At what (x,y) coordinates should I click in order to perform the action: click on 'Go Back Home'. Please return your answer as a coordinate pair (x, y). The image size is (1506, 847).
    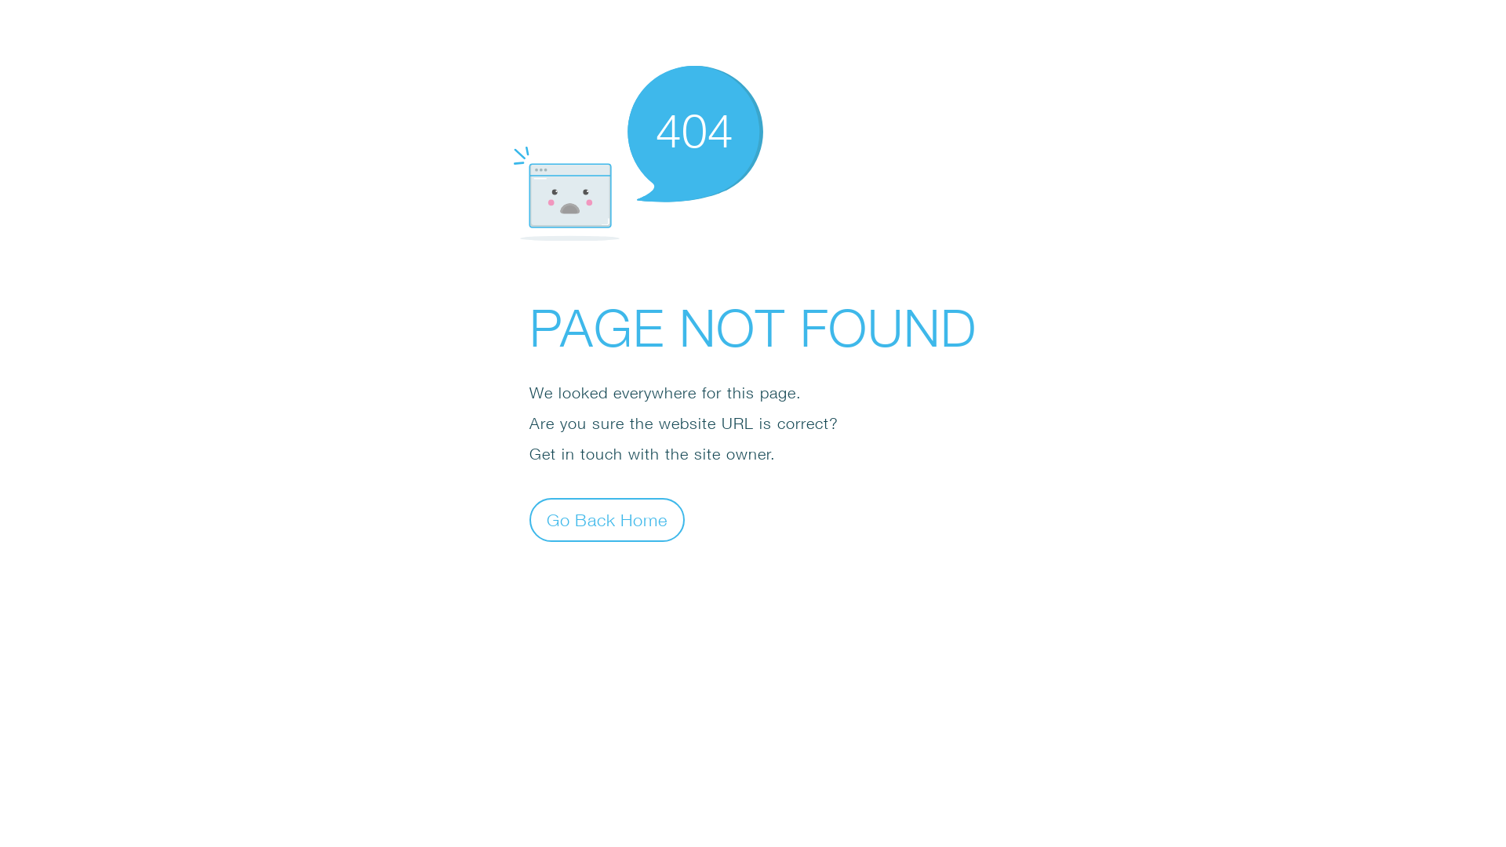
    Looking at the image, I should click on (606, 520).